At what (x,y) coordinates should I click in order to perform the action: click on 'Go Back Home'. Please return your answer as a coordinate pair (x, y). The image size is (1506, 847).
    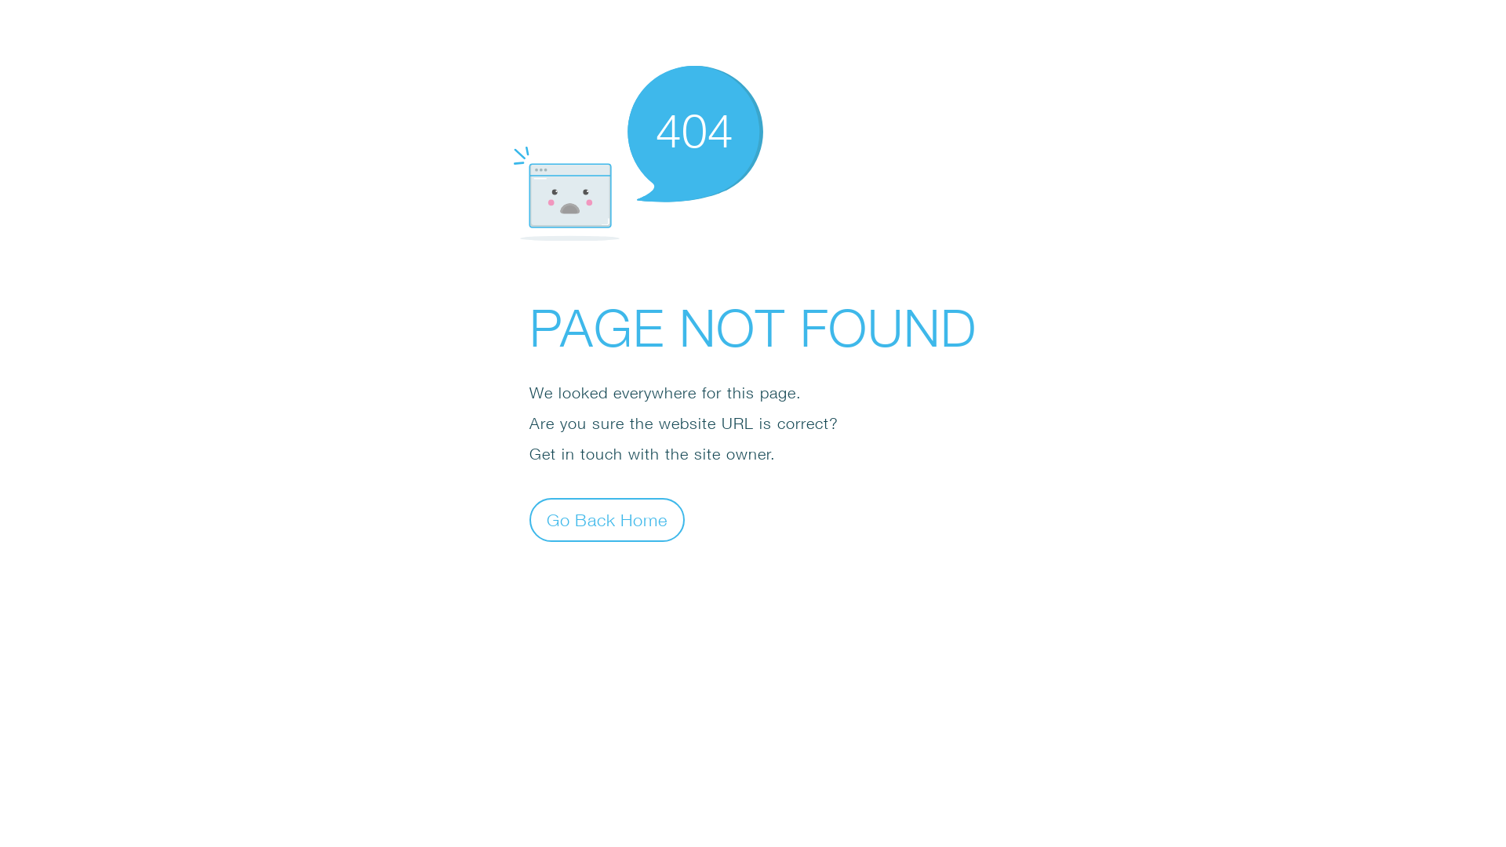
    Looking at the image, I should click on (606, 520).